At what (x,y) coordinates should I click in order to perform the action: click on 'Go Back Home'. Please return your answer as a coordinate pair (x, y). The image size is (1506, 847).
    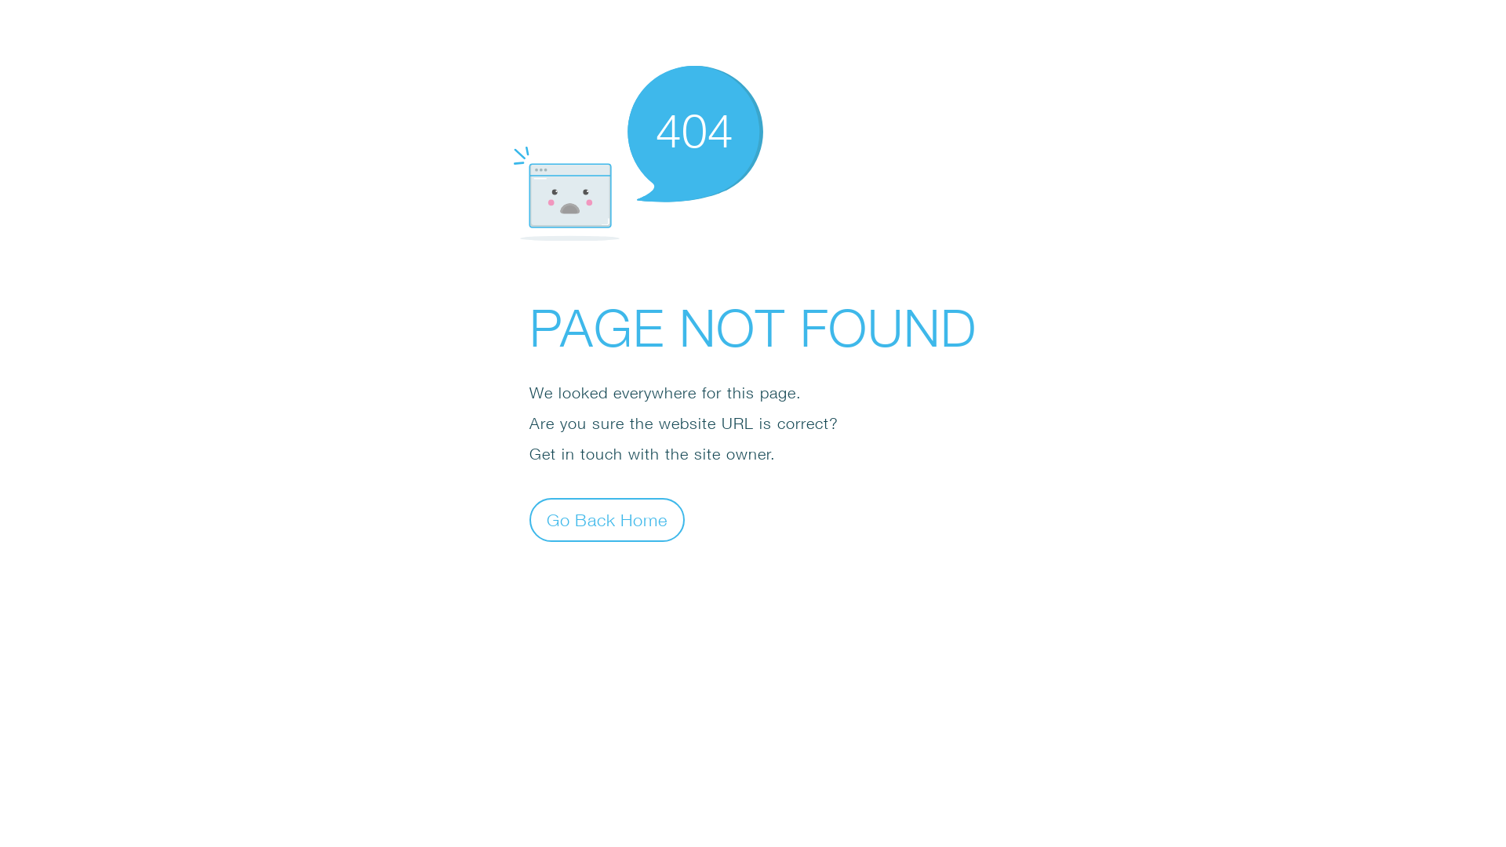
    Looking at the image, I should click on (606, 520).